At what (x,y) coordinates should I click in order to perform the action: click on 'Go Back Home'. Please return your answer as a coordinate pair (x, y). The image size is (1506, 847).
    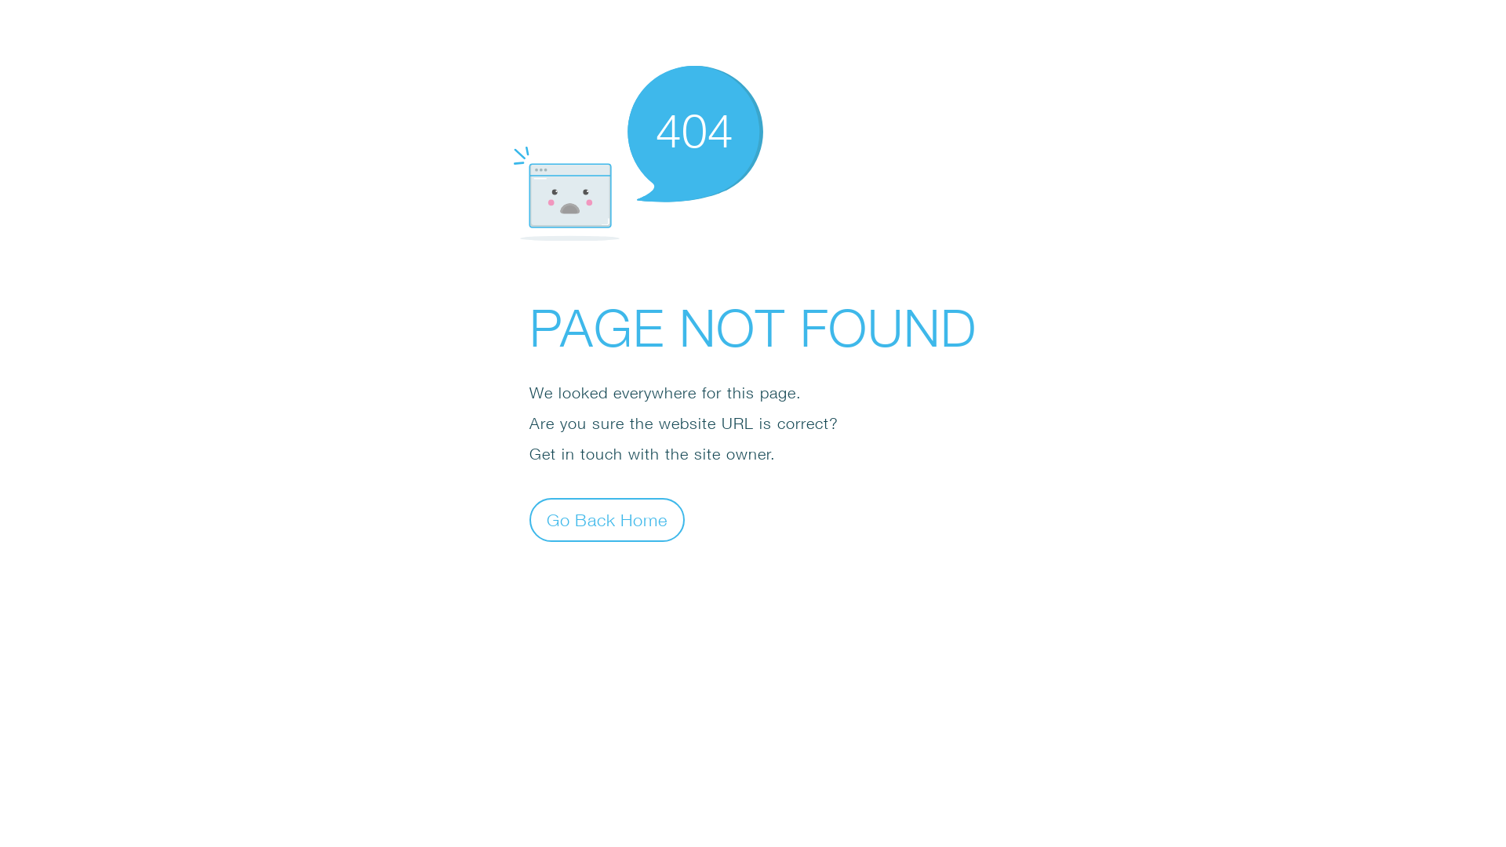
    Looking at the image, I should click on (606, 520).